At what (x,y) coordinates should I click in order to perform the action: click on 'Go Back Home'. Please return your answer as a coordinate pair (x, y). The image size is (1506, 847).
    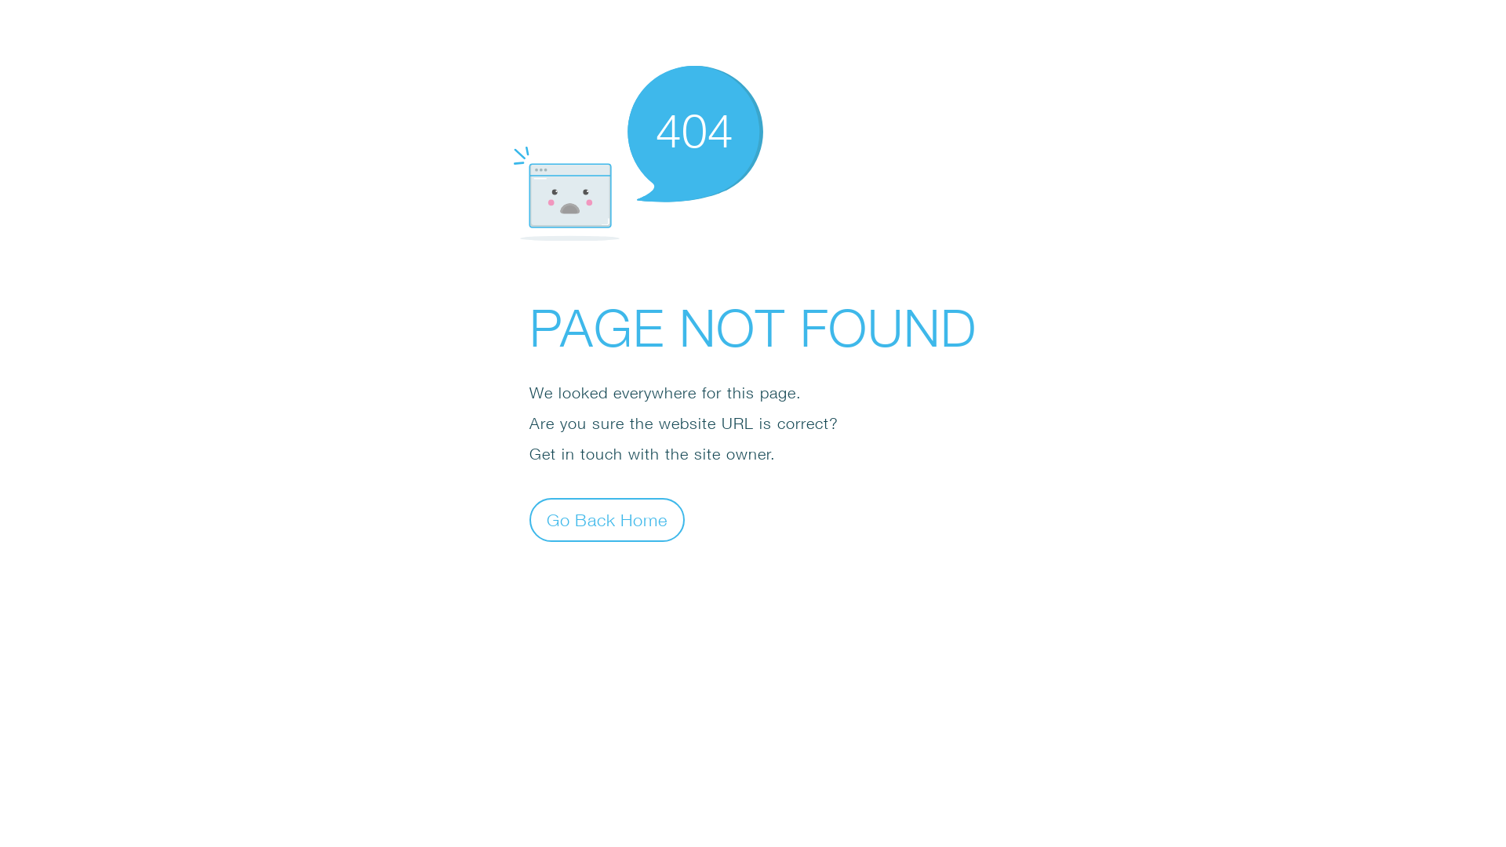
    Looking at the image, I should click on (606, 520).